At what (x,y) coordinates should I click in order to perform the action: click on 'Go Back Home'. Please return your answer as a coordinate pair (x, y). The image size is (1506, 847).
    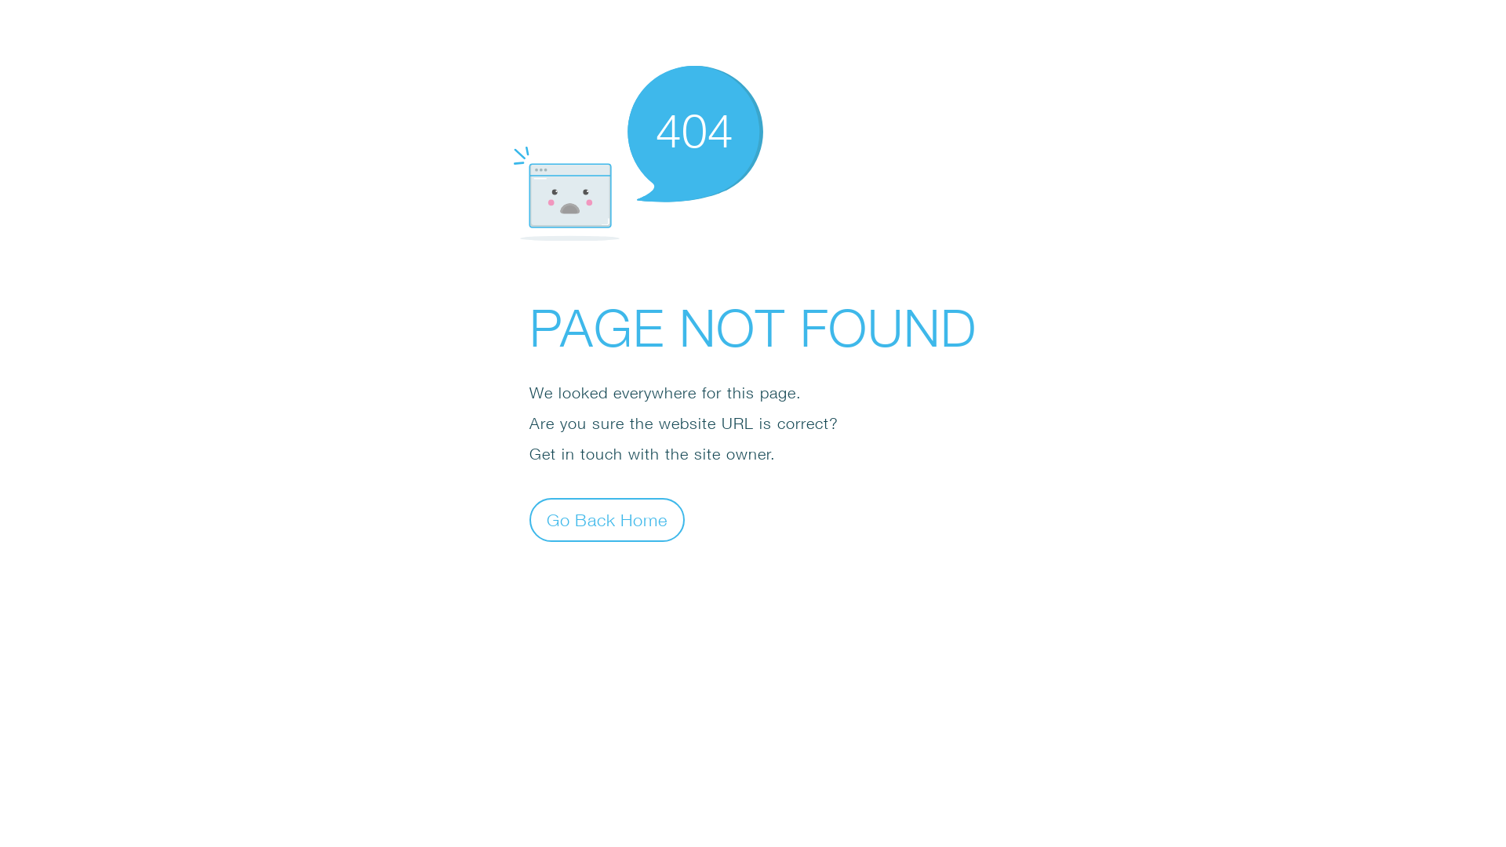
    Looking at the image, I should click on (606, 520).